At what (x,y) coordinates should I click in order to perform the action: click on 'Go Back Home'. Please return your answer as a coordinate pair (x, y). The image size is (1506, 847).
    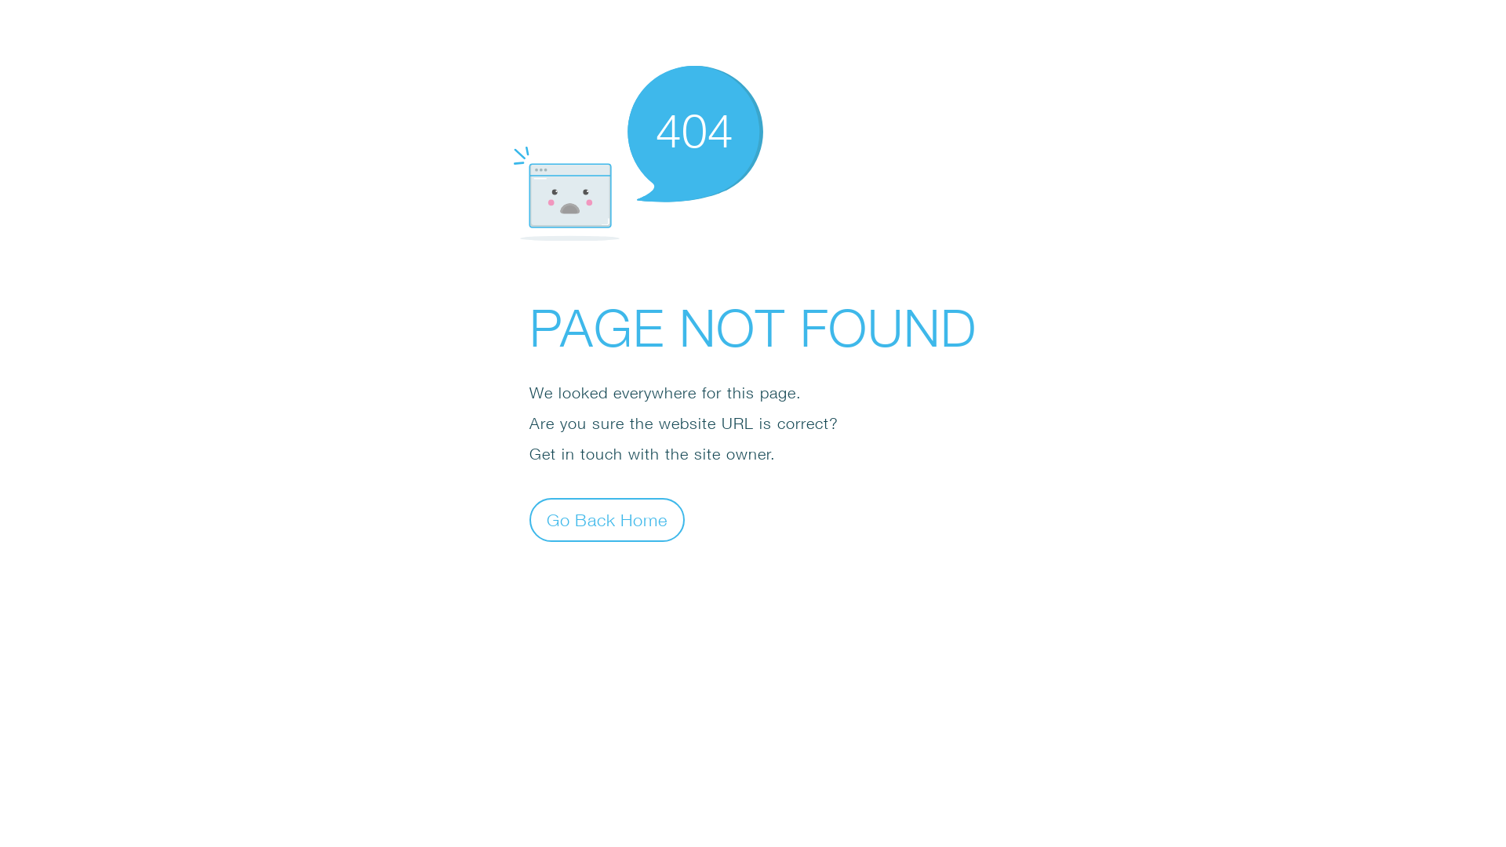
    Looking at the image, I should click on (606, 520).